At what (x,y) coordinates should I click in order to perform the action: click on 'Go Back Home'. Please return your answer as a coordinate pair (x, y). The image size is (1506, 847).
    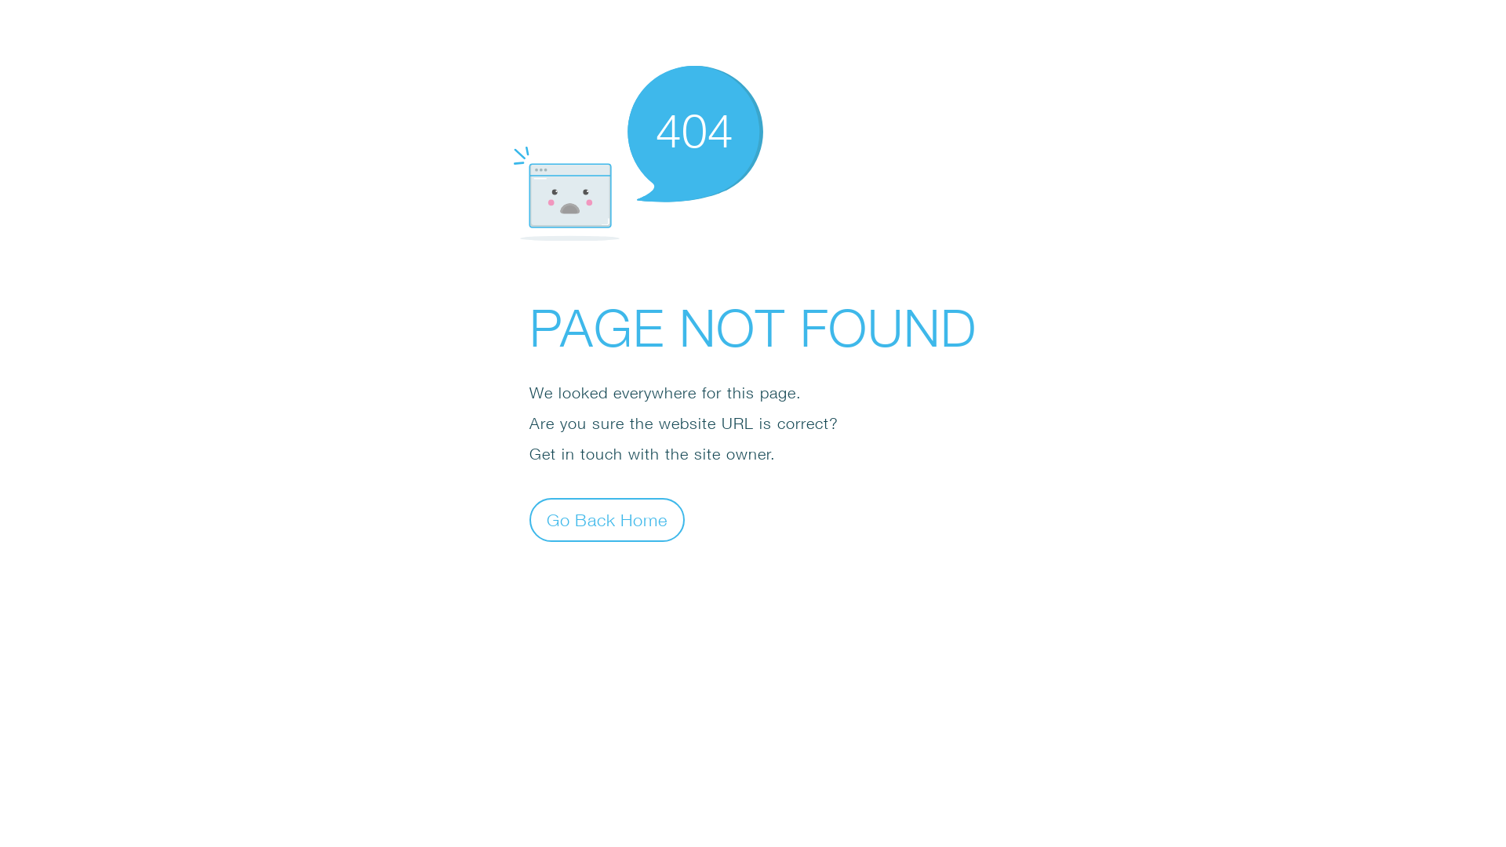
    Looking at the image, I should click on (606, 520).